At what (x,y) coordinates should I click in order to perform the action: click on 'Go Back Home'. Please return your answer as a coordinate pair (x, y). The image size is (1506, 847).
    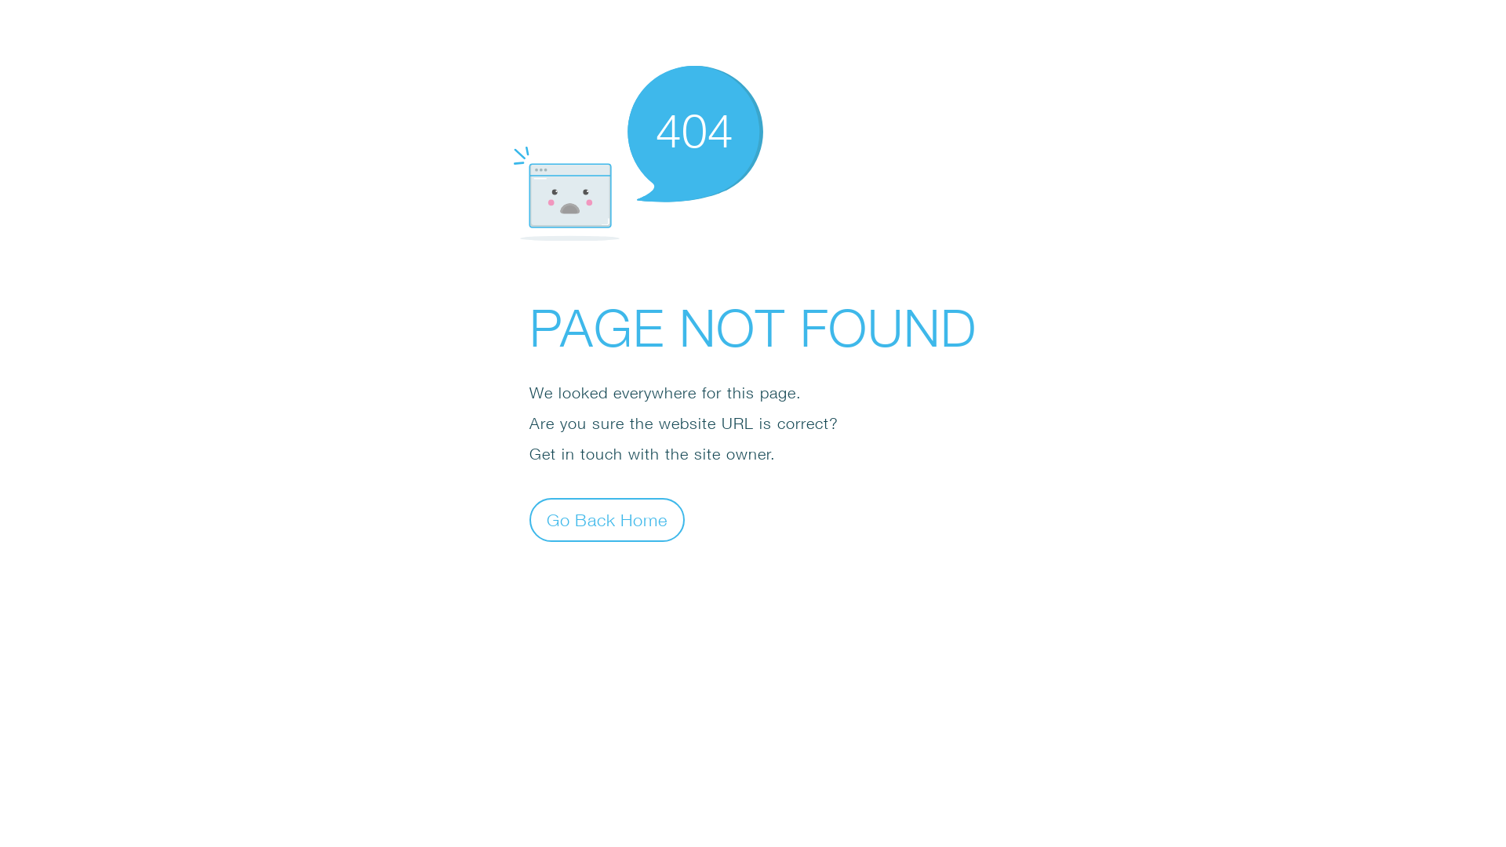
    Looking at the image, I should click on (606, 520).